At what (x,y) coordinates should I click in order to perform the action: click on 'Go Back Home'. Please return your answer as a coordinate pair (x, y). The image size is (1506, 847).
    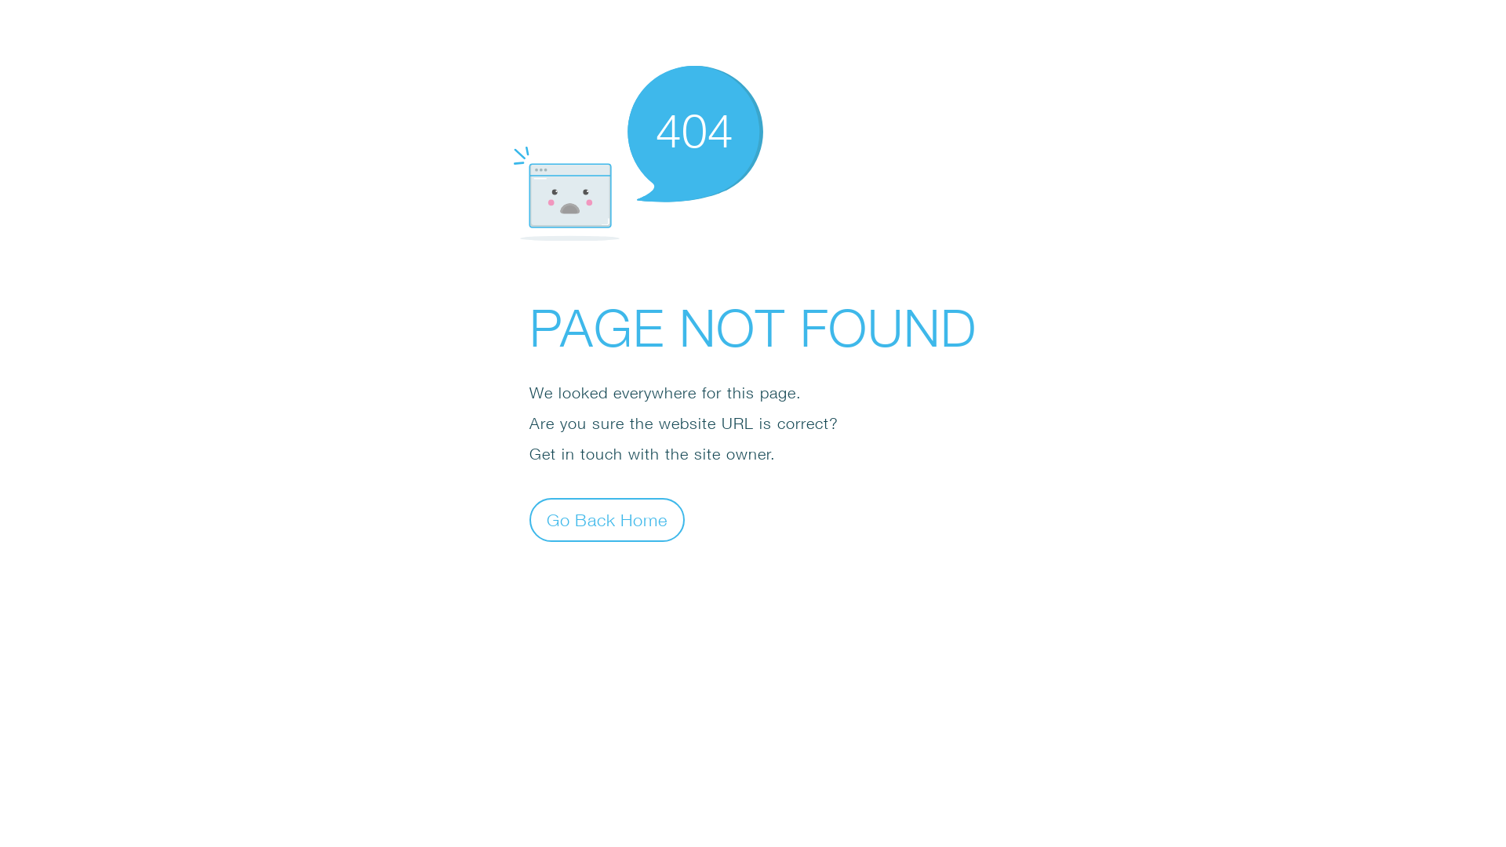
    Looking at the image, I should click on (606, 520).